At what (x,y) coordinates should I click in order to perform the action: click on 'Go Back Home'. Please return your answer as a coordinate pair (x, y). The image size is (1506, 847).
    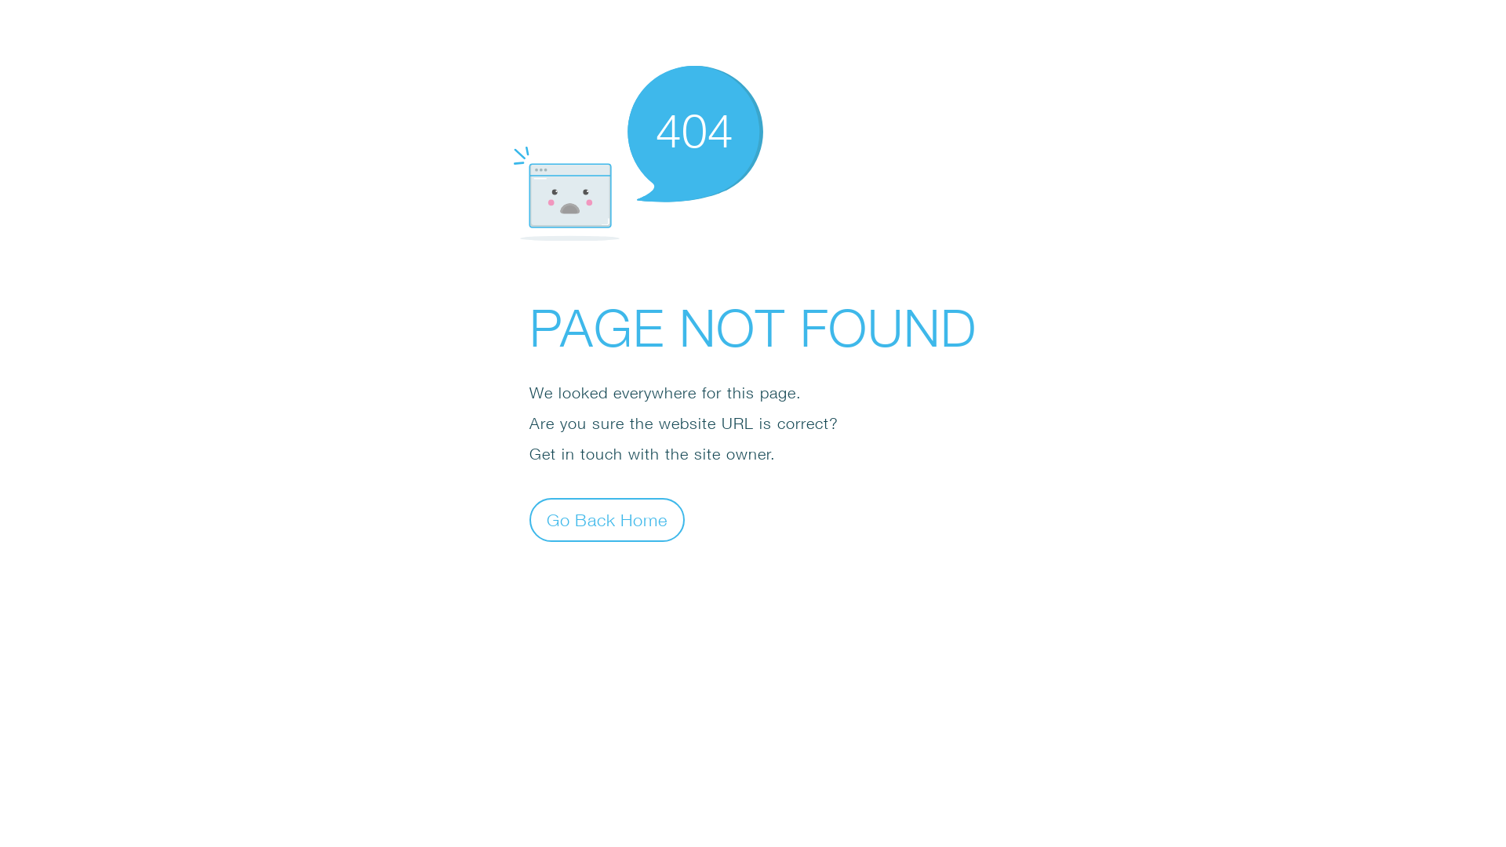
    Looking at the image, I should click on (606, 520).